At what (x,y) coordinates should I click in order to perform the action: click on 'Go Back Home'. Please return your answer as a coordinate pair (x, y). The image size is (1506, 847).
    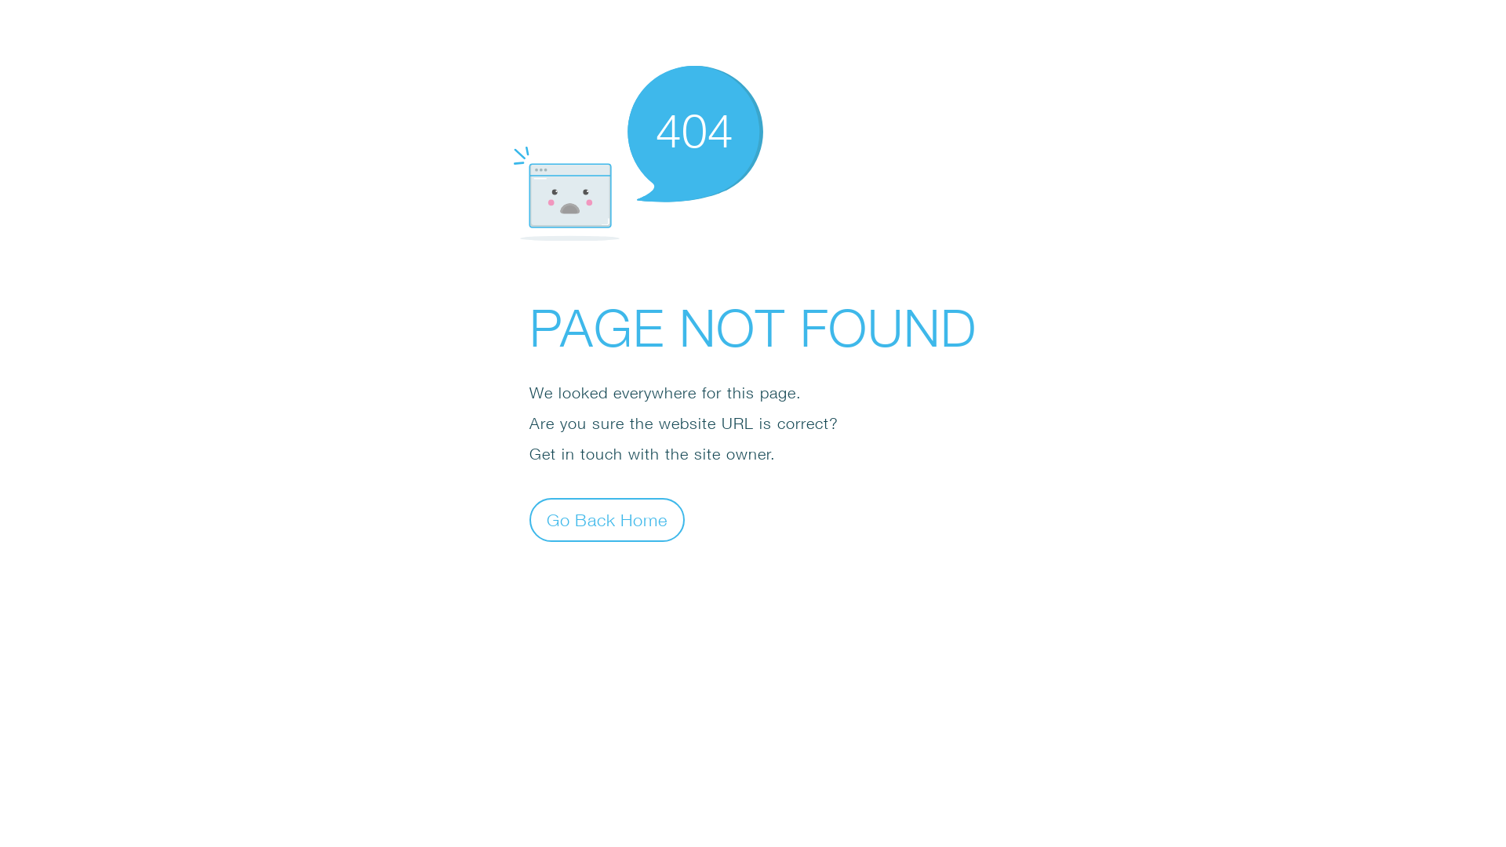
    Looking at the image, I should click on (606, 520).